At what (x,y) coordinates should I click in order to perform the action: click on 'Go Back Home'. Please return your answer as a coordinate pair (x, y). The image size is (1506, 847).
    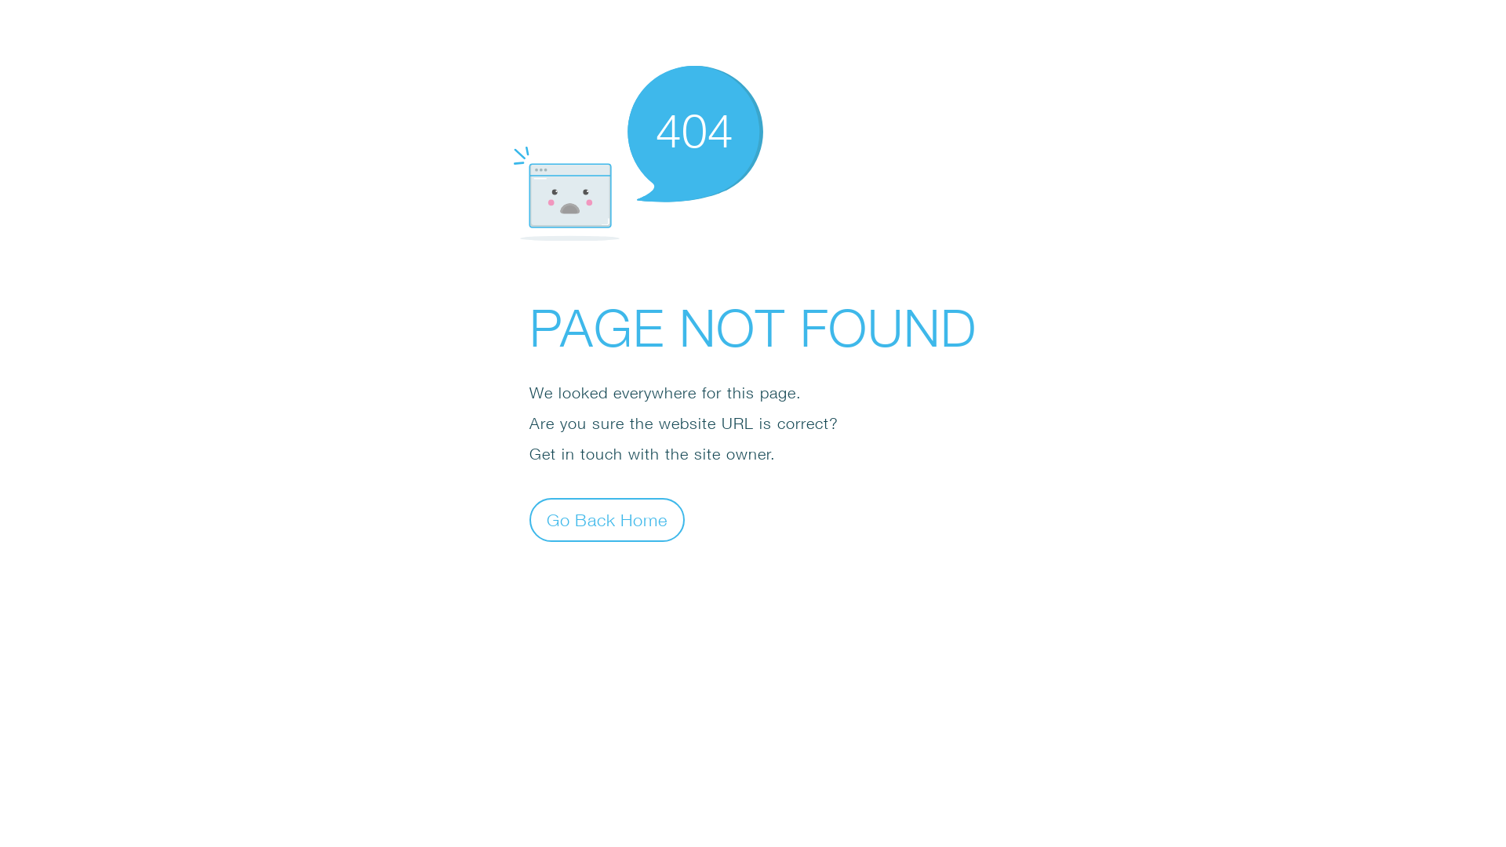
    Looking at the image, I should click on (606, 520).